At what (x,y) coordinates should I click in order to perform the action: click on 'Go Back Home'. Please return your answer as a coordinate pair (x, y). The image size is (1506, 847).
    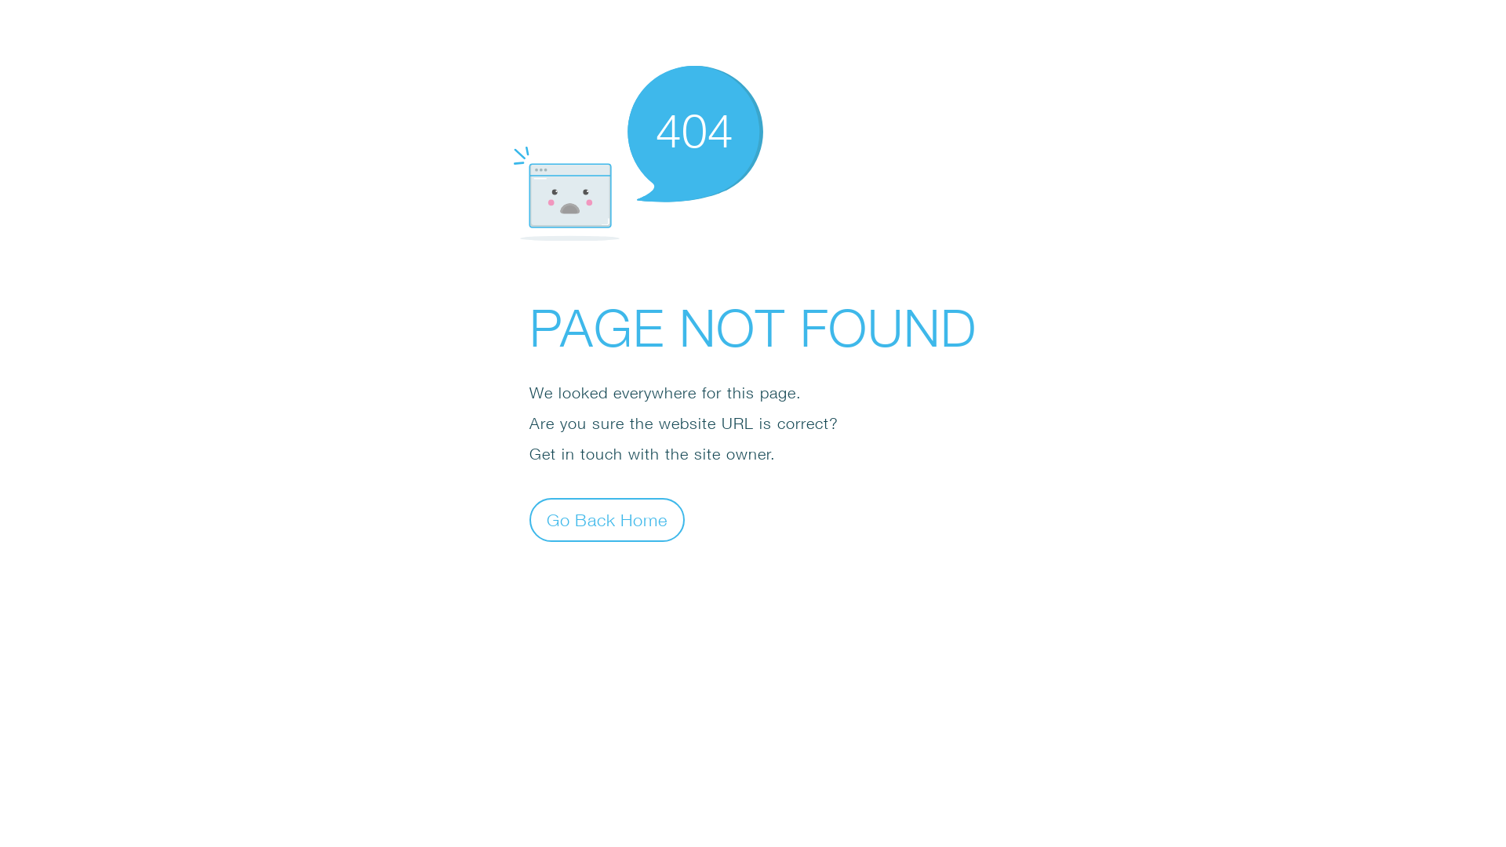
    Looking at the image, I should click on (606, 520).